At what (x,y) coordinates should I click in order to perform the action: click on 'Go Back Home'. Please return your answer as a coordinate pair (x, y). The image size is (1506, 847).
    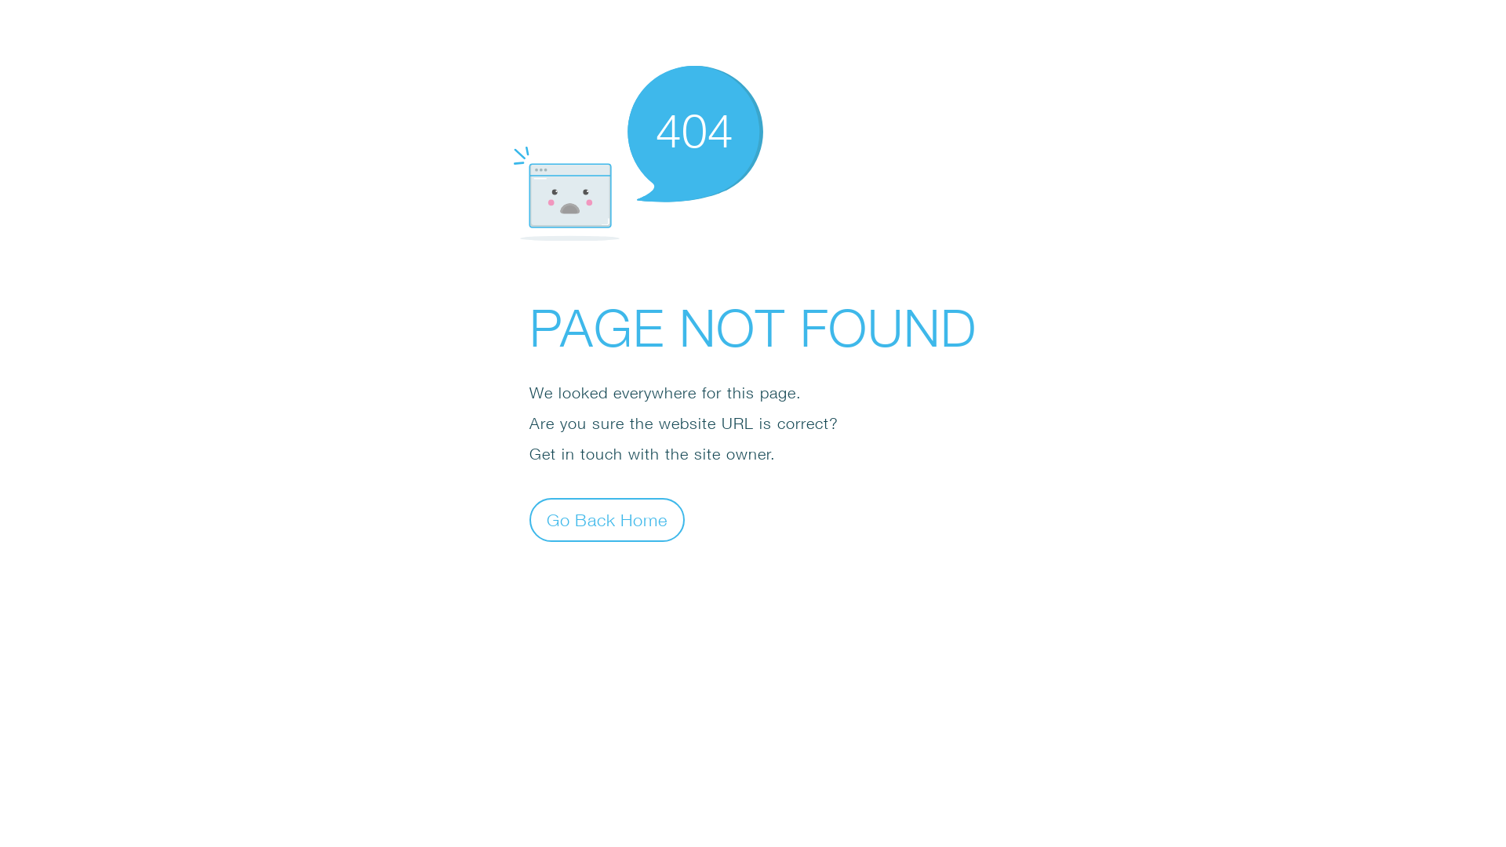
    Looking at the image, I should click on (606, 520).